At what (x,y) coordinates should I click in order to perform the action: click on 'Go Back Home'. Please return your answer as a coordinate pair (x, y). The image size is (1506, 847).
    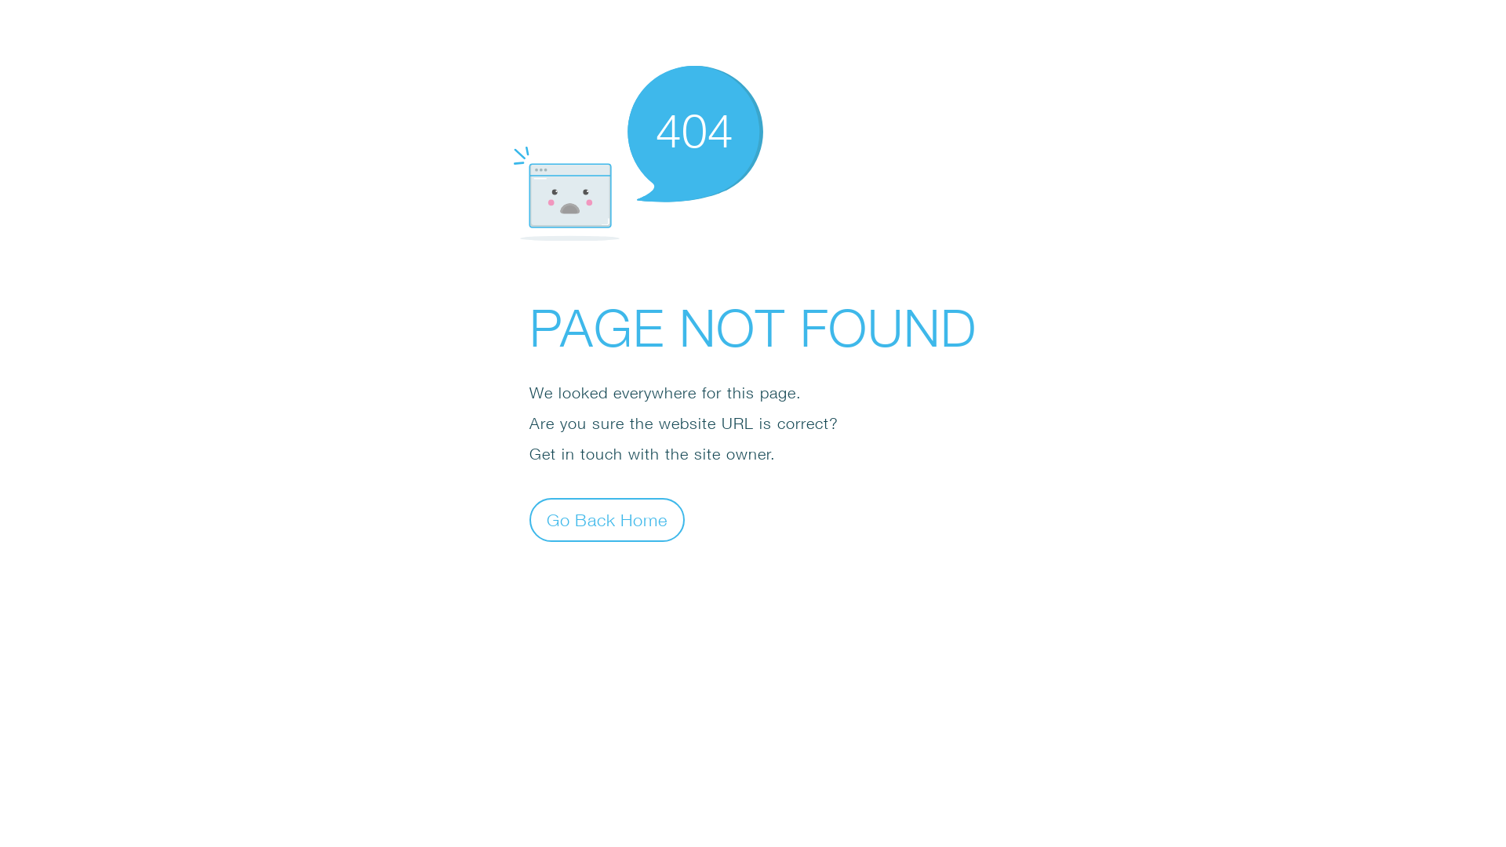
    Looking at the image, I should click on (606, 520).